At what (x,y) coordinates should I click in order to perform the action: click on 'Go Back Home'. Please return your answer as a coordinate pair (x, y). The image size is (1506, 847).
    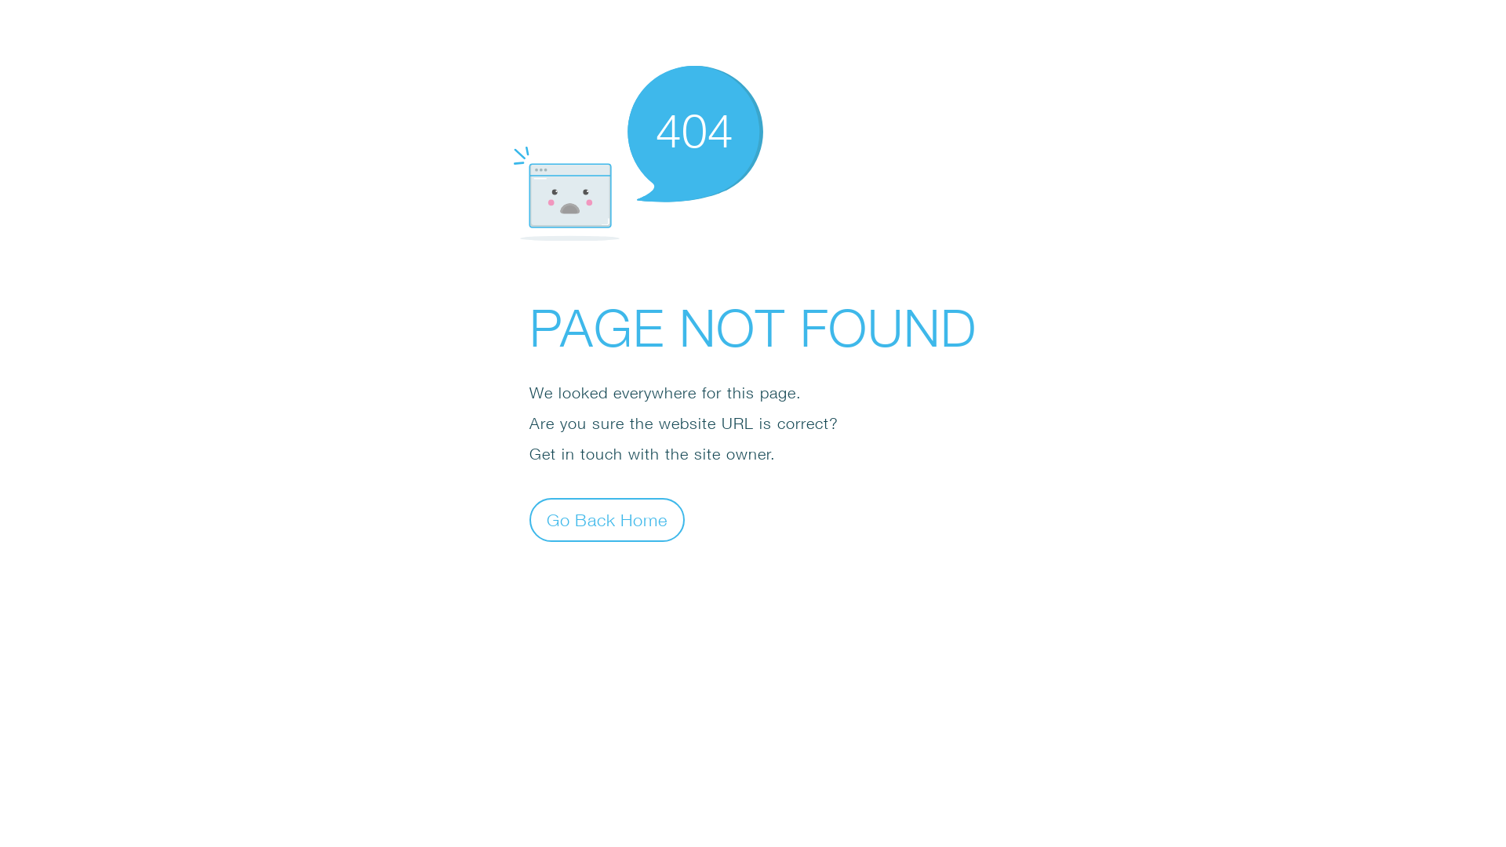
    Looking at the image, I should click on (606, 520).